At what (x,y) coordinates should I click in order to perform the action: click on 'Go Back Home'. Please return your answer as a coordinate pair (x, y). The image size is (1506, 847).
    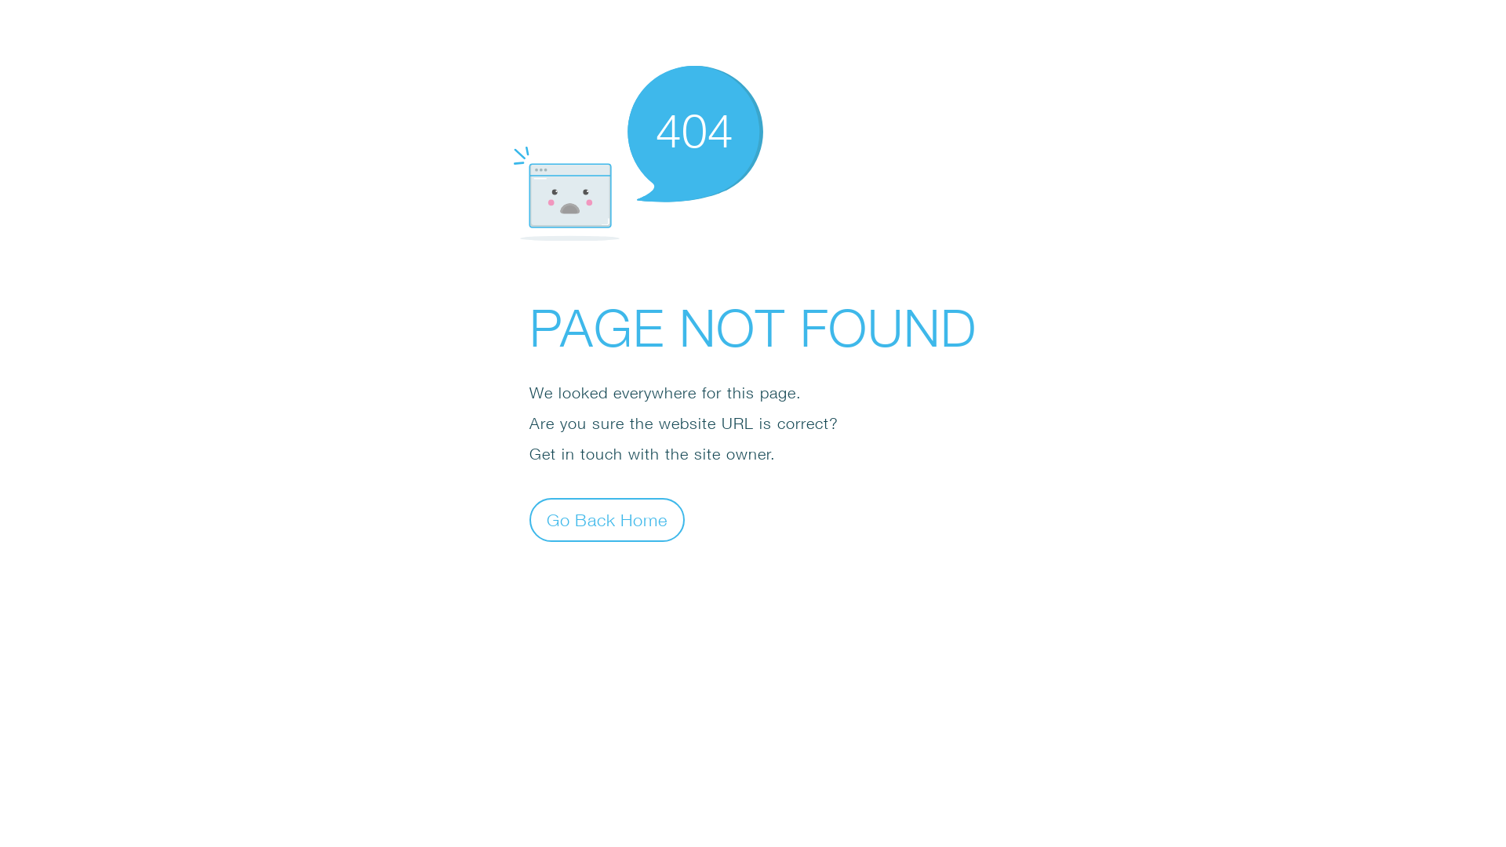
    Looking at the image, I should click on (606, 520).